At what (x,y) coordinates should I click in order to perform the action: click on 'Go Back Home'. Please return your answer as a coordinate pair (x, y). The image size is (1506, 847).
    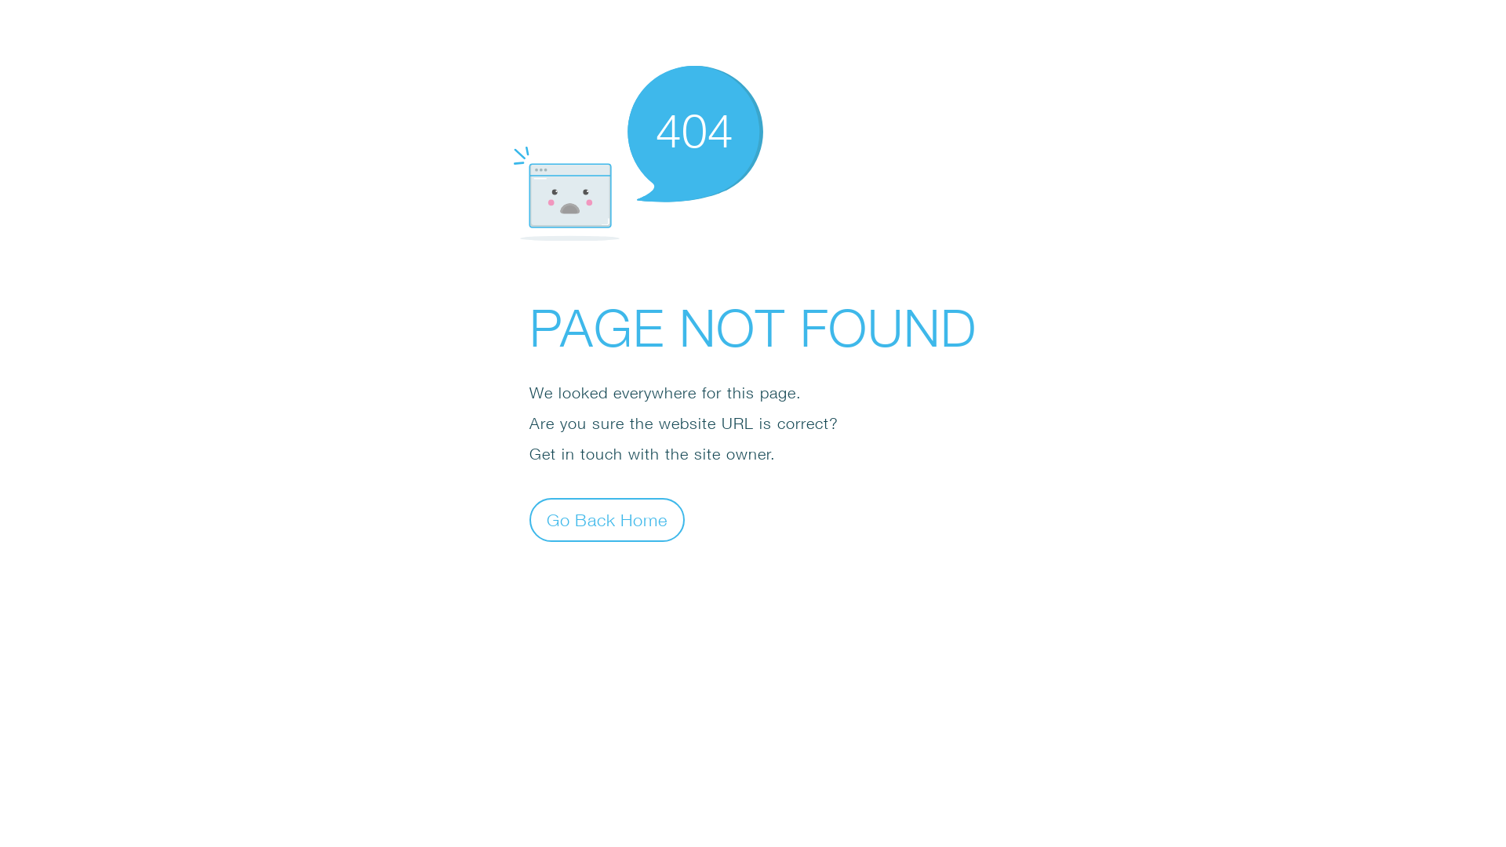
    Looking at the image, I should click on (606, 520).